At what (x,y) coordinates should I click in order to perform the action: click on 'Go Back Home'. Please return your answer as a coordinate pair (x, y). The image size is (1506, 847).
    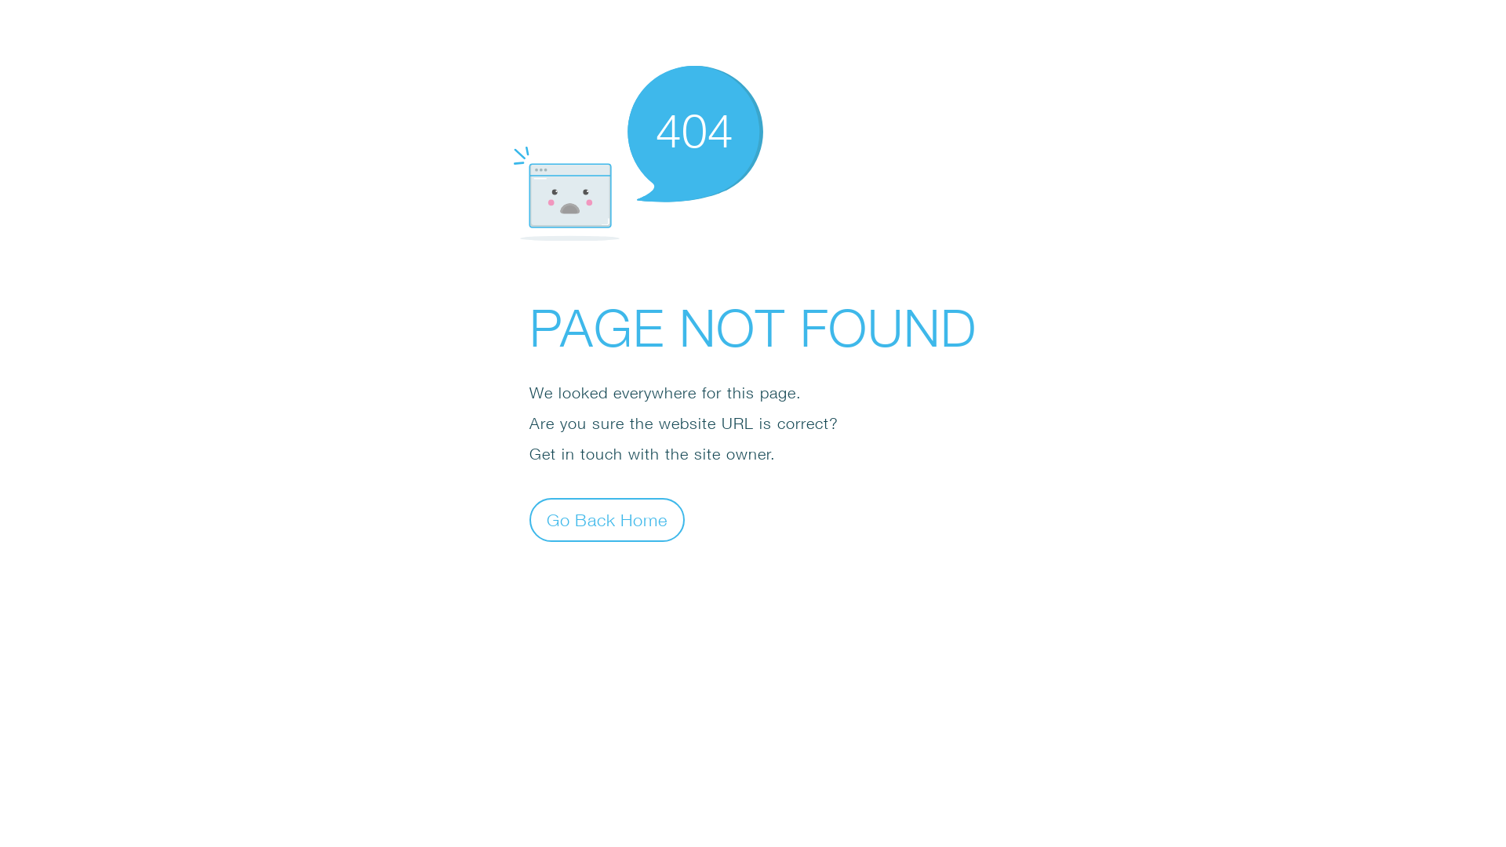
    Looking at the image, I should click on (606, 520).